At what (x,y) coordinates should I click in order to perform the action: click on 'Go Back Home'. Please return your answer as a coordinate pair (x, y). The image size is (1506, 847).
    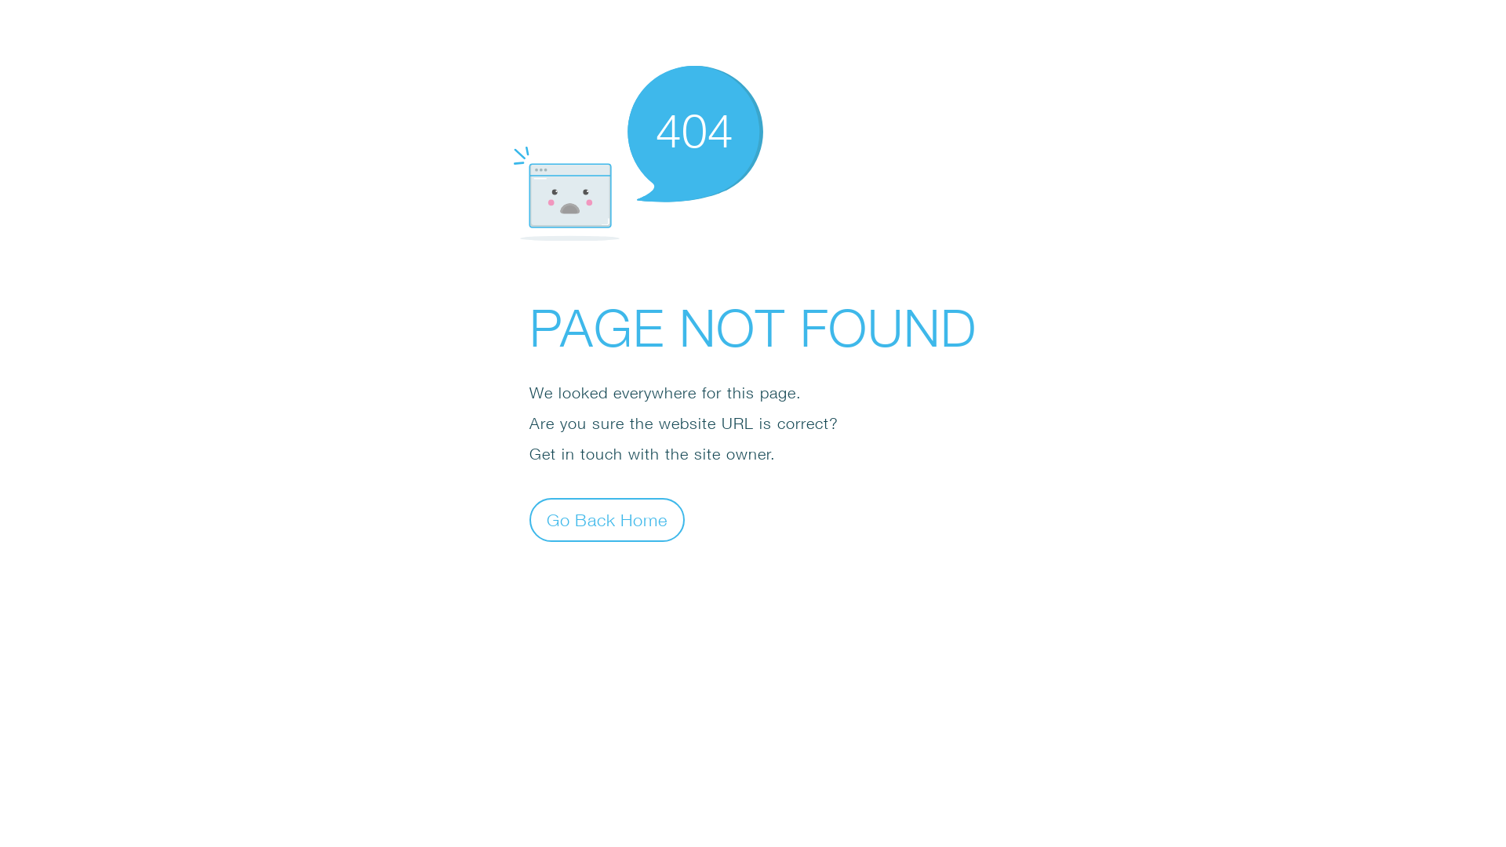
    Looking at the image, I should click on (606, 520).